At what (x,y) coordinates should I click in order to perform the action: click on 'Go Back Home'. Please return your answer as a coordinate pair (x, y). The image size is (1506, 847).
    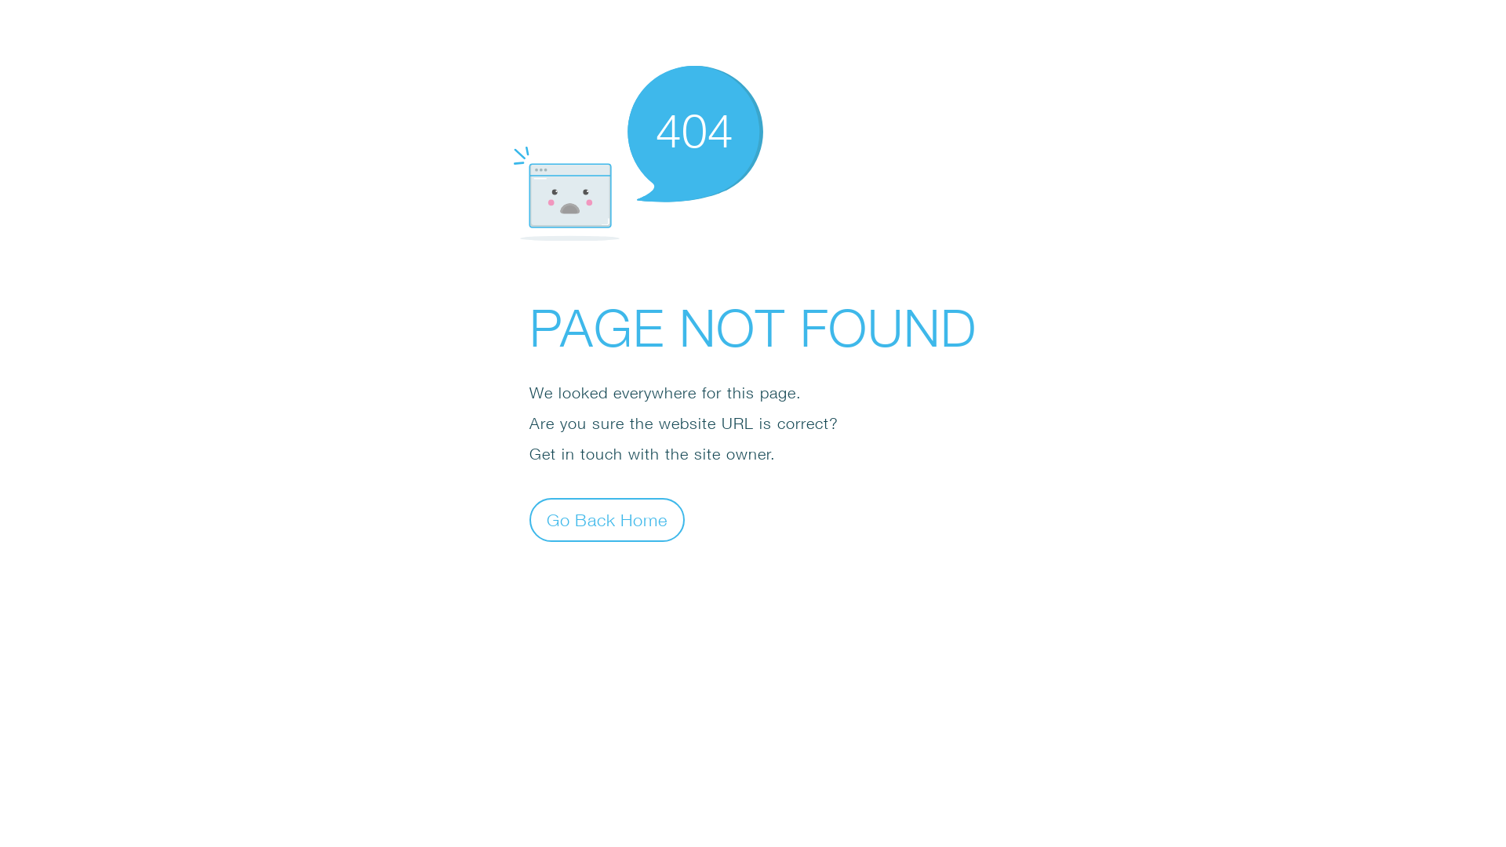
    Looking at the image, I should click on (606, 520).